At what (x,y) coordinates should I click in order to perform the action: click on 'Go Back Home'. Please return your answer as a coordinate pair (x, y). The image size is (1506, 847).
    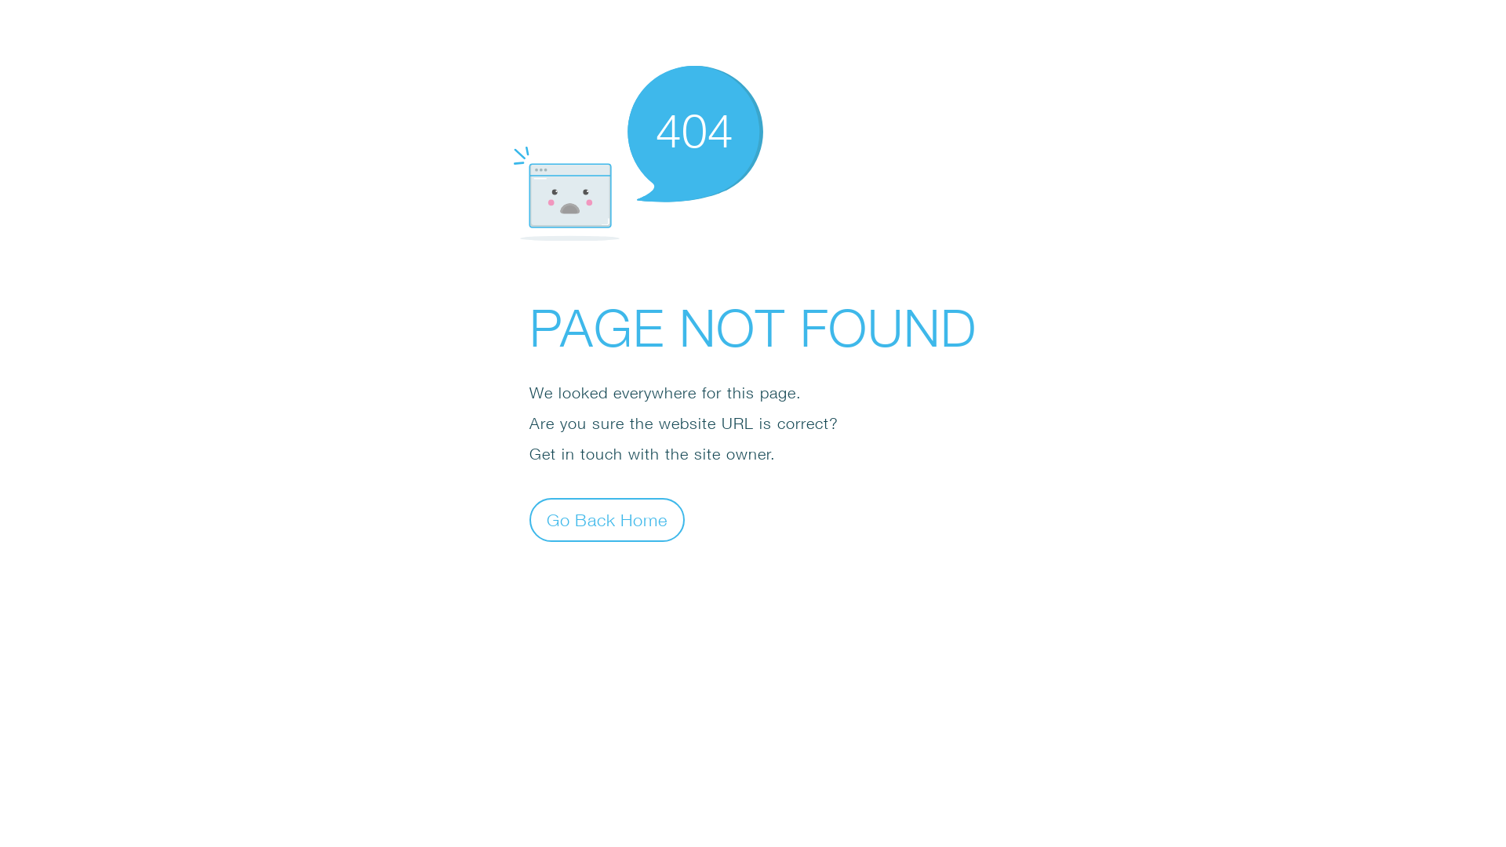
    Looking at the image, I should click on (606, 520).